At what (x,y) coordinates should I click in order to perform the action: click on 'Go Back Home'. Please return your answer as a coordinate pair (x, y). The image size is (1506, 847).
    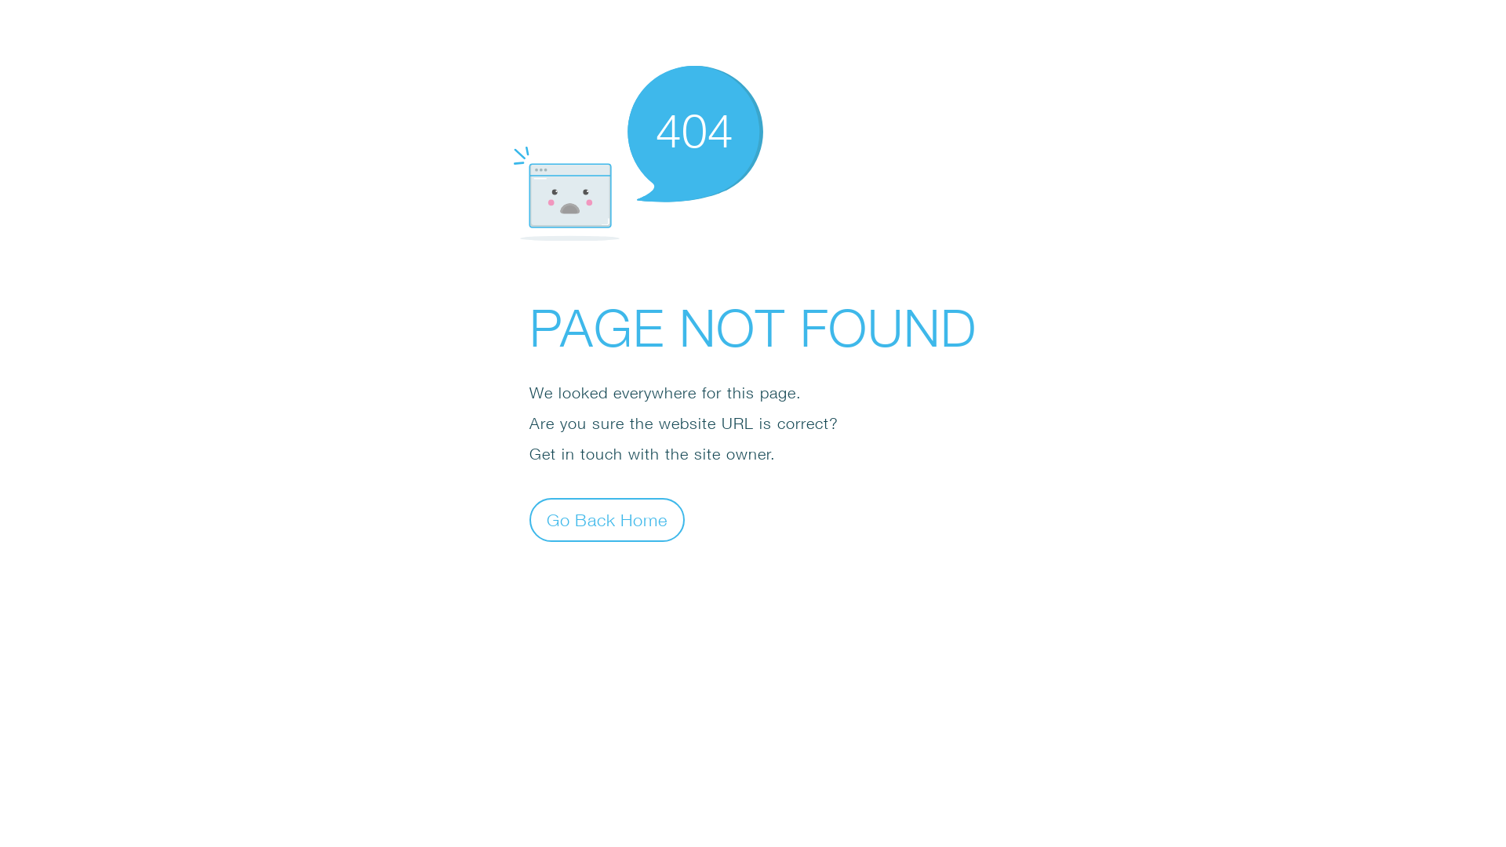
    Looking at the image, I should click on (606, 520).